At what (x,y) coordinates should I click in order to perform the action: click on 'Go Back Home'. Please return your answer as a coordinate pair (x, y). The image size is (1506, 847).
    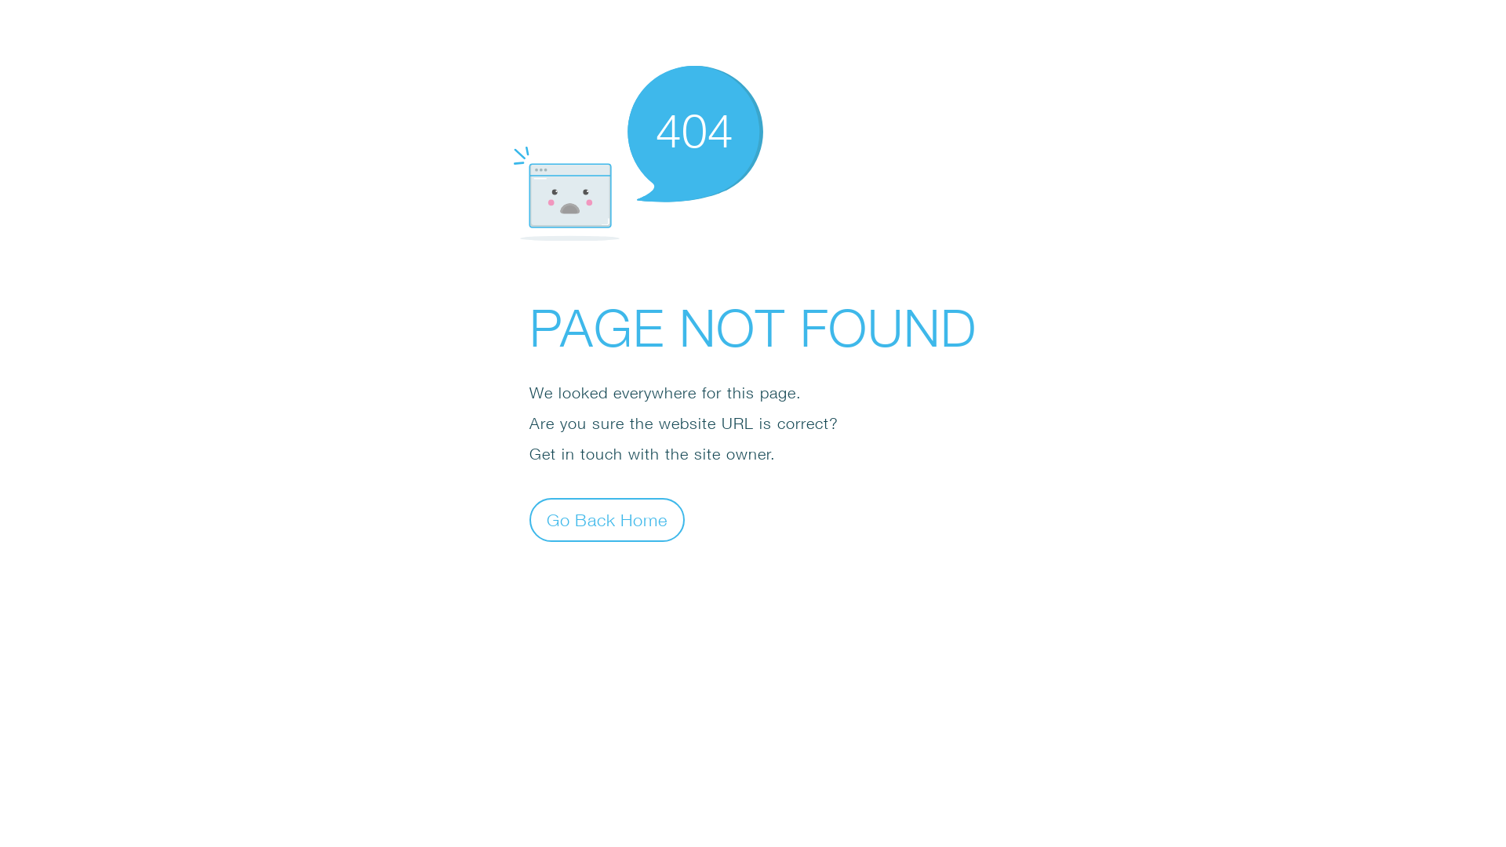
    Looking at the image, I should click on (606, 520).